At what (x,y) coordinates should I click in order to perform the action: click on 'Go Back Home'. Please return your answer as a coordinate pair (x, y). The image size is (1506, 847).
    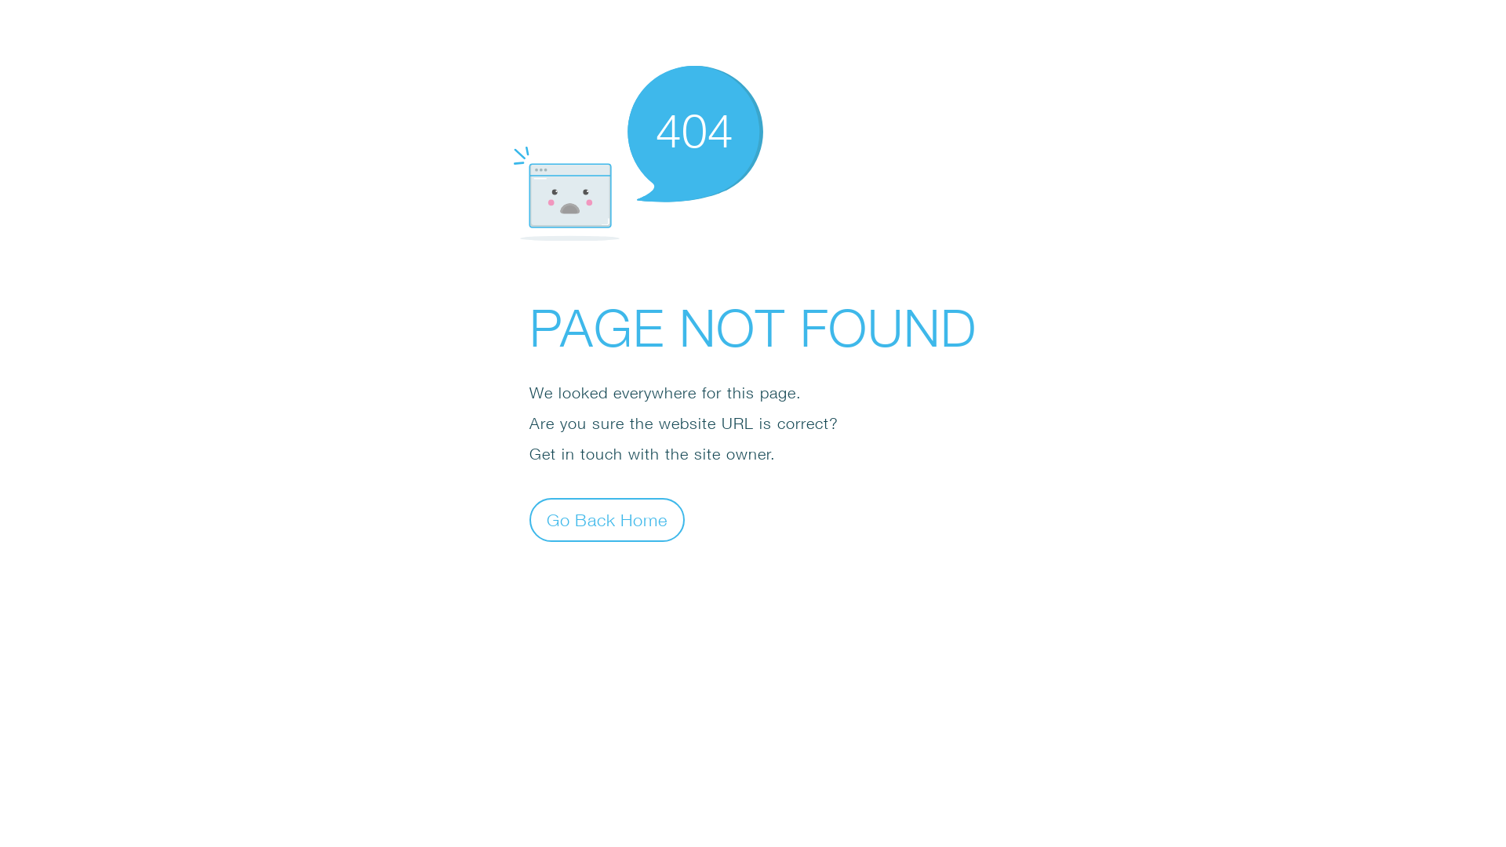
    Looking at the image, I should click on (606, 520).